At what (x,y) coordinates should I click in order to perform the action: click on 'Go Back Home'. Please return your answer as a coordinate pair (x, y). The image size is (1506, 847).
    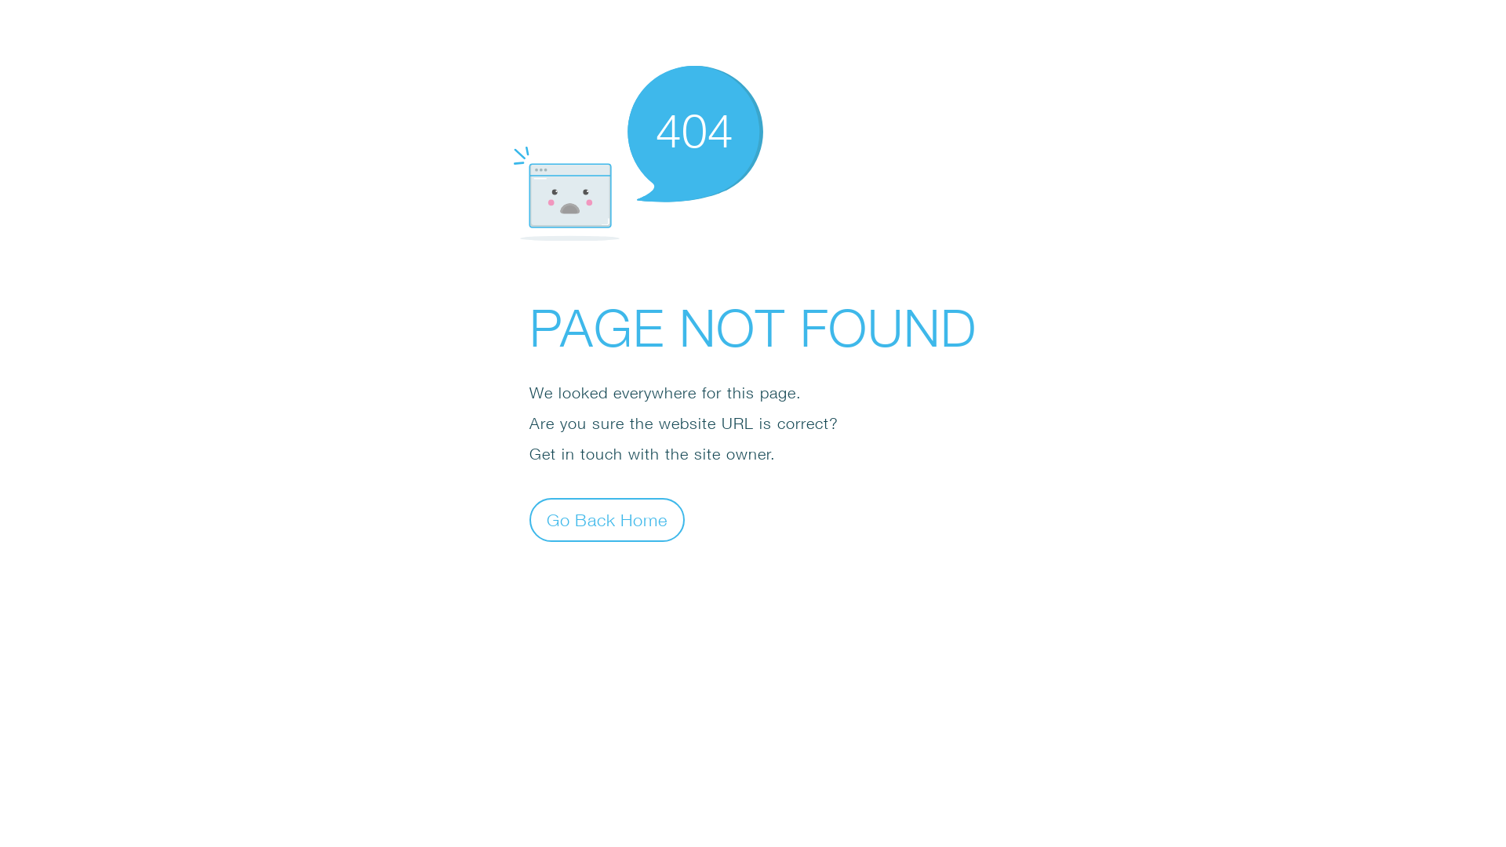
    Looking at the image, I should click on (606, 520).